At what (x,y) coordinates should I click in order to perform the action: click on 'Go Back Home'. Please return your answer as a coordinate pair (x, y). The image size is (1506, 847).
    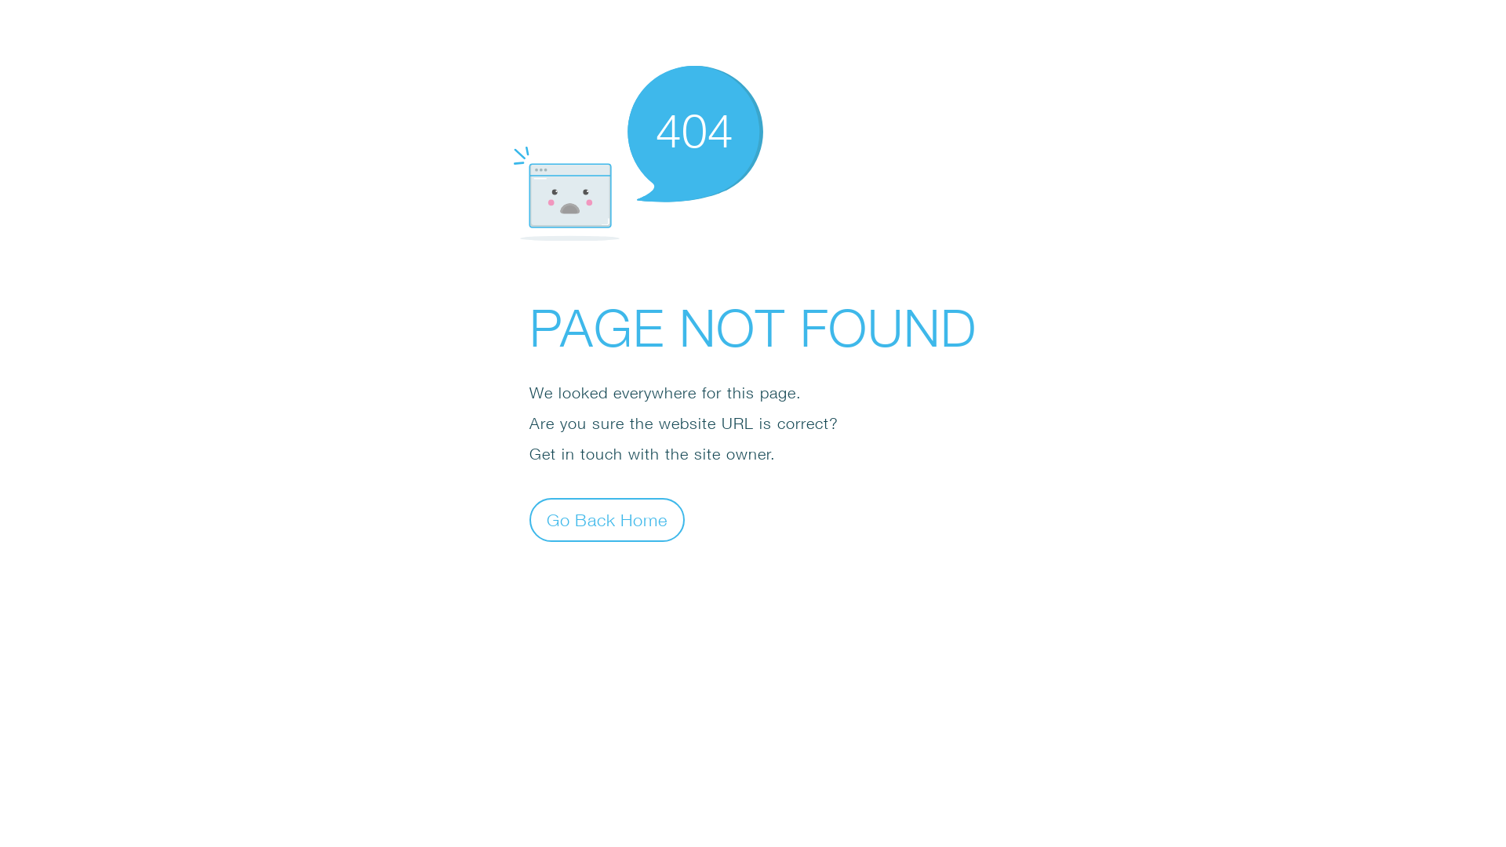
    Looking at the image, I should click on (606, 520).